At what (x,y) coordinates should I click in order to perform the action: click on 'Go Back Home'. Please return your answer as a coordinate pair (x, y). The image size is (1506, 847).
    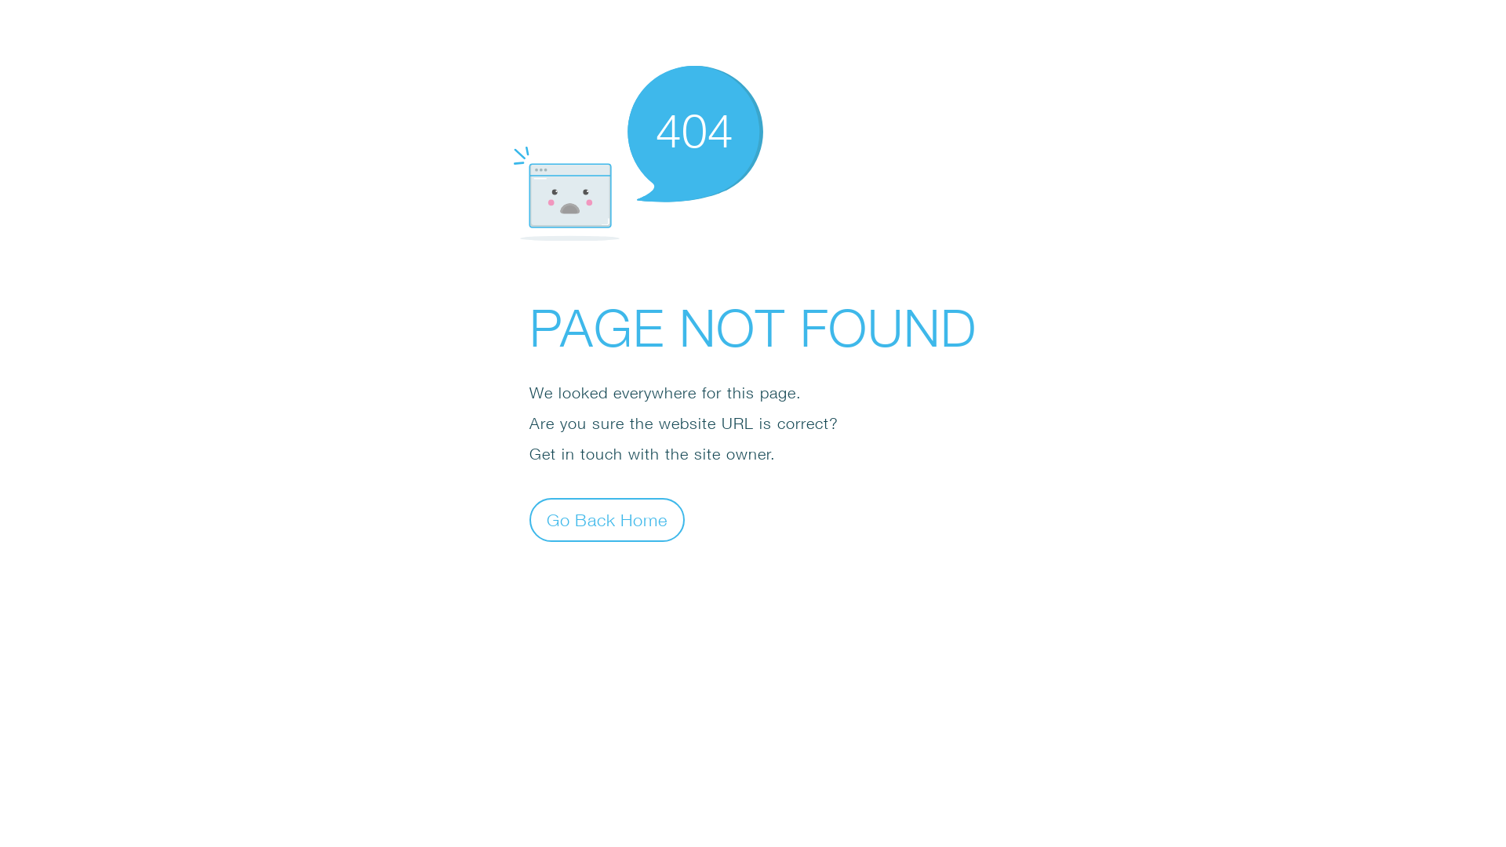
    Looking at the image, I should click on (606, 520).